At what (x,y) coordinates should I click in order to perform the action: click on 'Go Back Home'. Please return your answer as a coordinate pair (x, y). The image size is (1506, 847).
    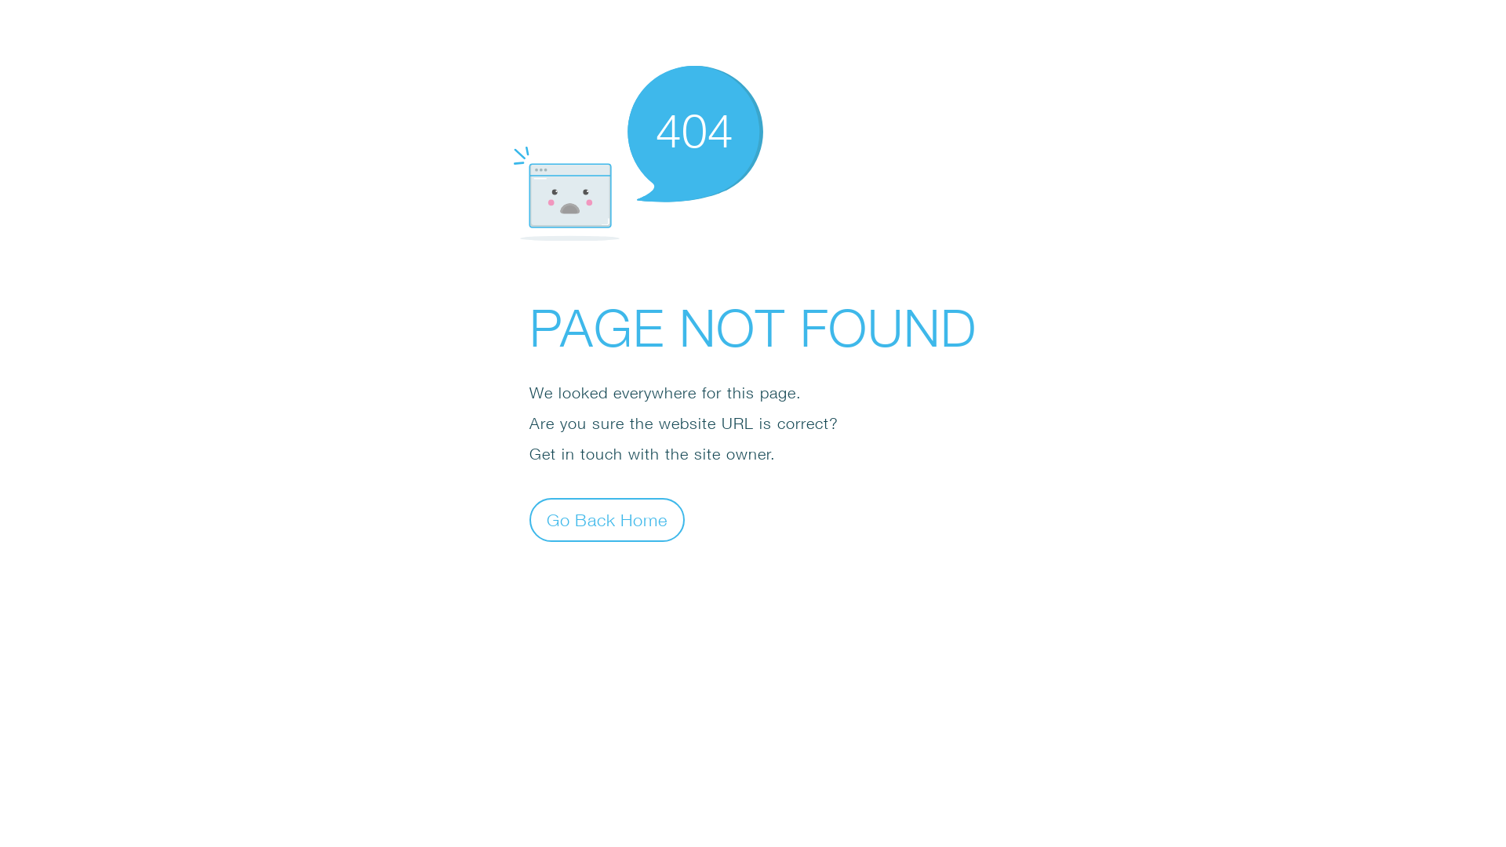
    Looking at the image, I should click on (606, 520).